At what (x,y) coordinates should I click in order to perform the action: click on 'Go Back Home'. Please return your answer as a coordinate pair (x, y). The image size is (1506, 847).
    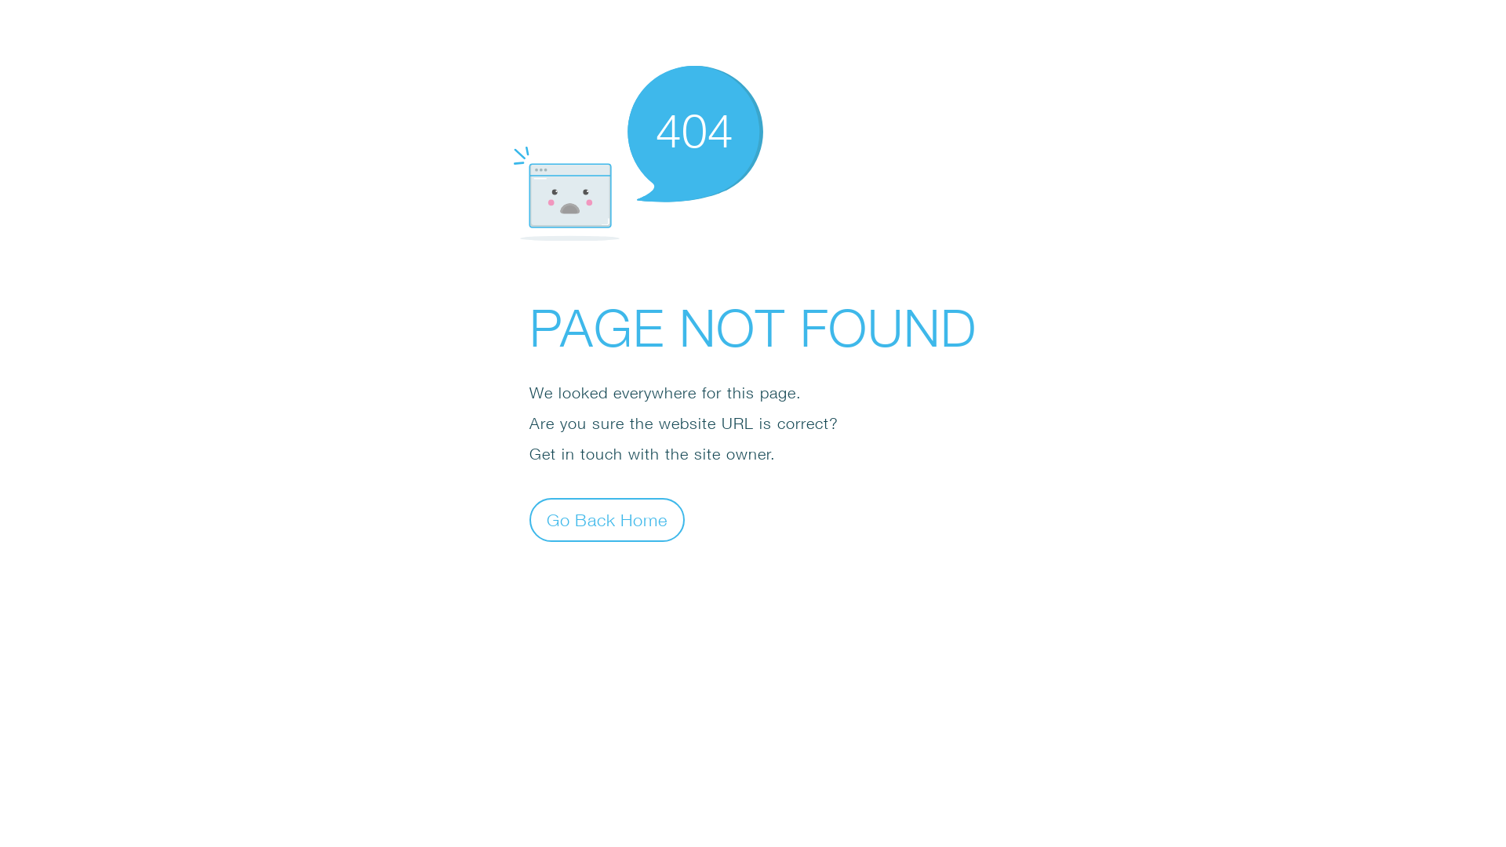
    Looking at the image, I should click on (606, 520).